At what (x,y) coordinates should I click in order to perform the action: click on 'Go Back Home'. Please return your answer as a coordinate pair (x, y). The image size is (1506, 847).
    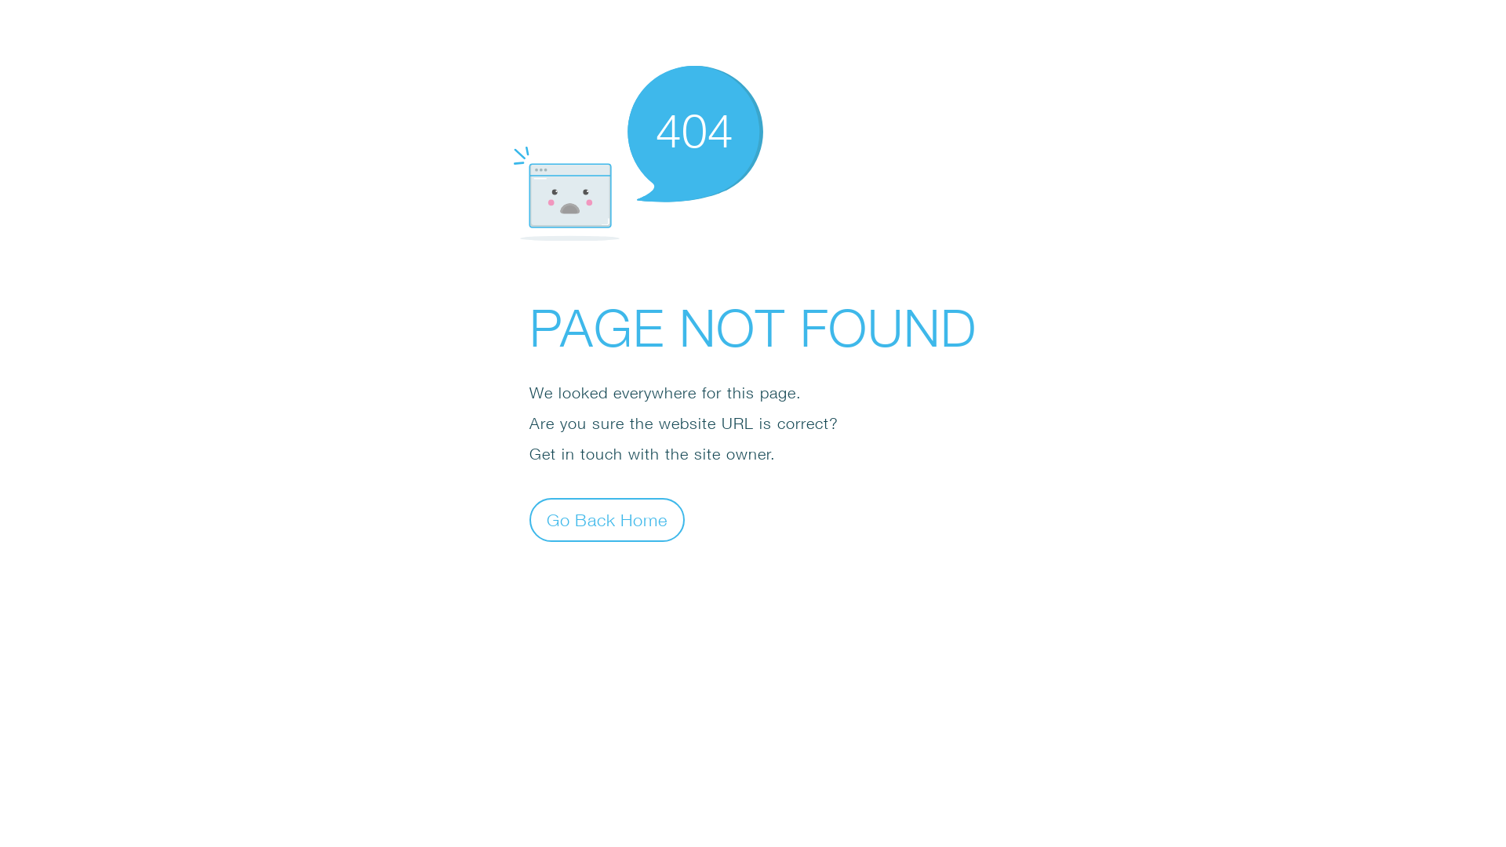
    Looking at the image, I should click on (606, 520).